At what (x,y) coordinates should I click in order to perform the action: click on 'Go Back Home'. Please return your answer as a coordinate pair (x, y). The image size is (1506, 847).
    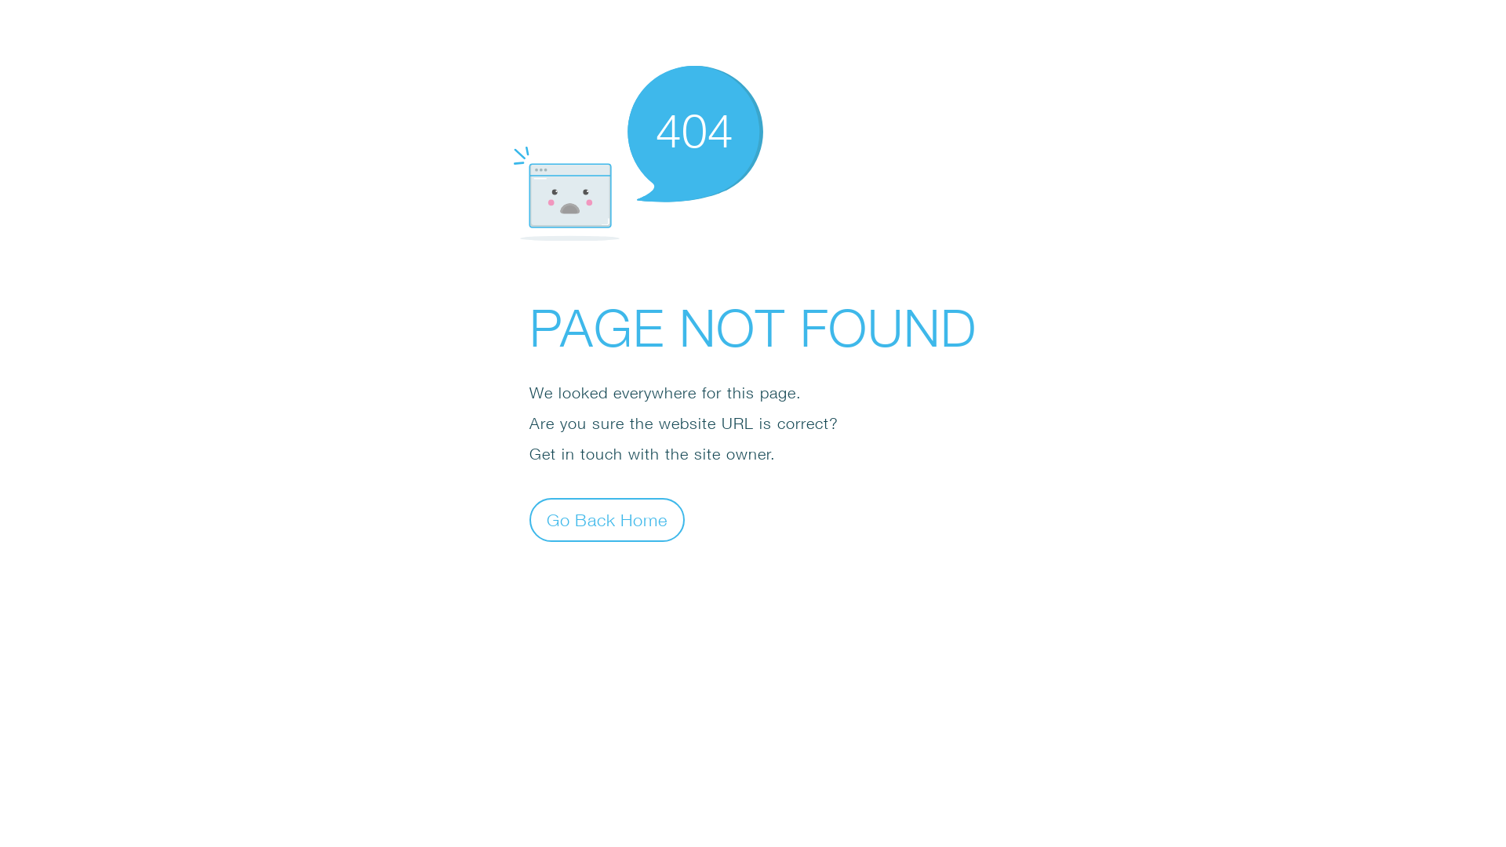
    Looking at the image, I should click on (606, 520).